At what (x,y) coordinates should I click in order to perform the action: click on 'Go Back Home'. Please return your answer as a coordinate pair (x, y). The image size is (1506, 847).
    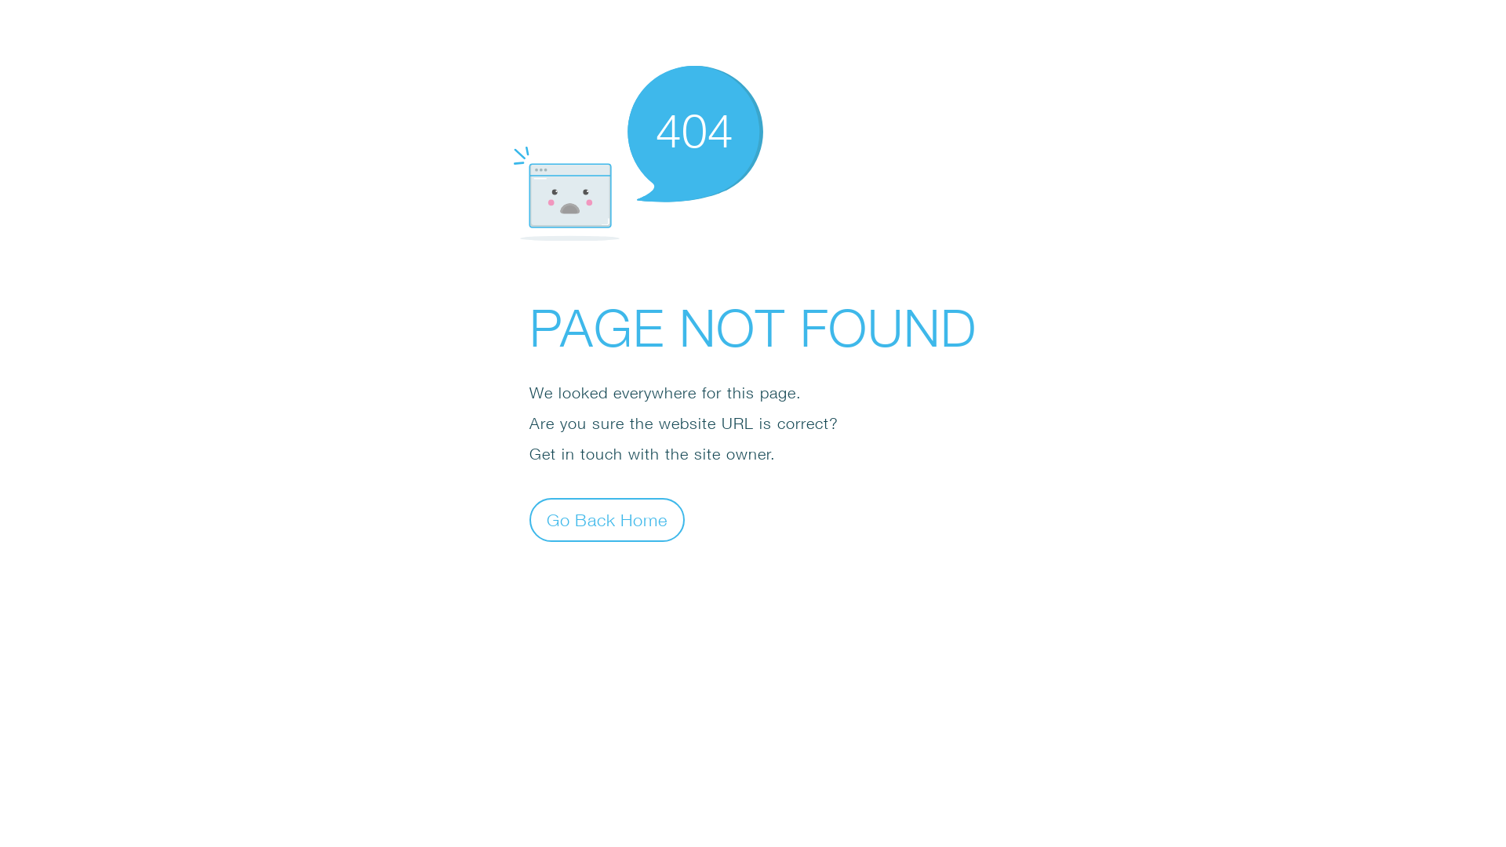
    Looking at the image, I should click on (606, 520).